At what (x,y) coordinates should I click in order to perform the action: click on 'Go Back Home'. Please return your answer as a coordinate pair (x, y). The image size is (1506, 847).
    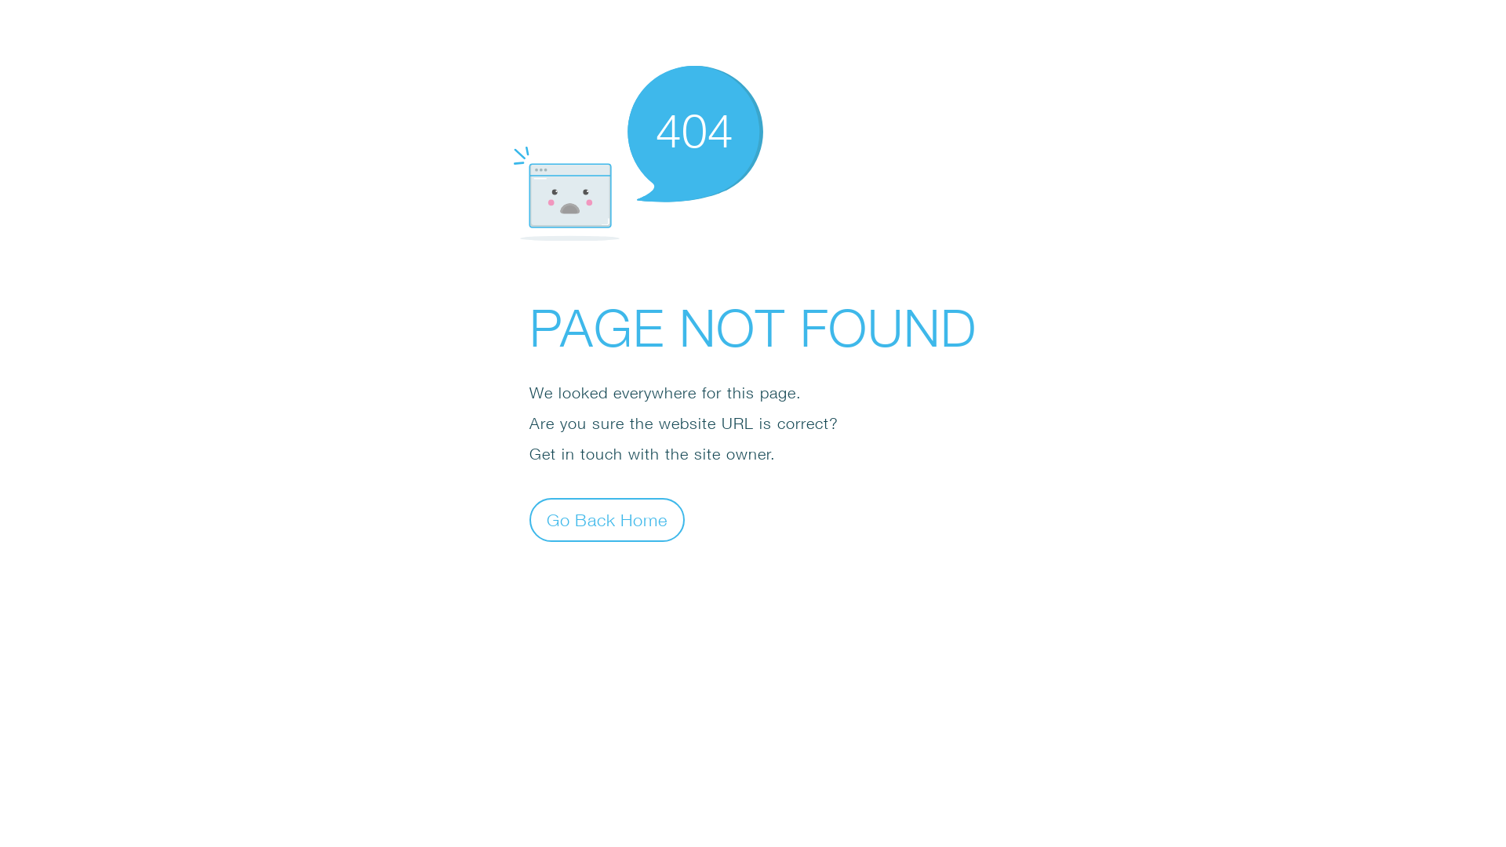
    Looking at the image, I should click on (606, 520).